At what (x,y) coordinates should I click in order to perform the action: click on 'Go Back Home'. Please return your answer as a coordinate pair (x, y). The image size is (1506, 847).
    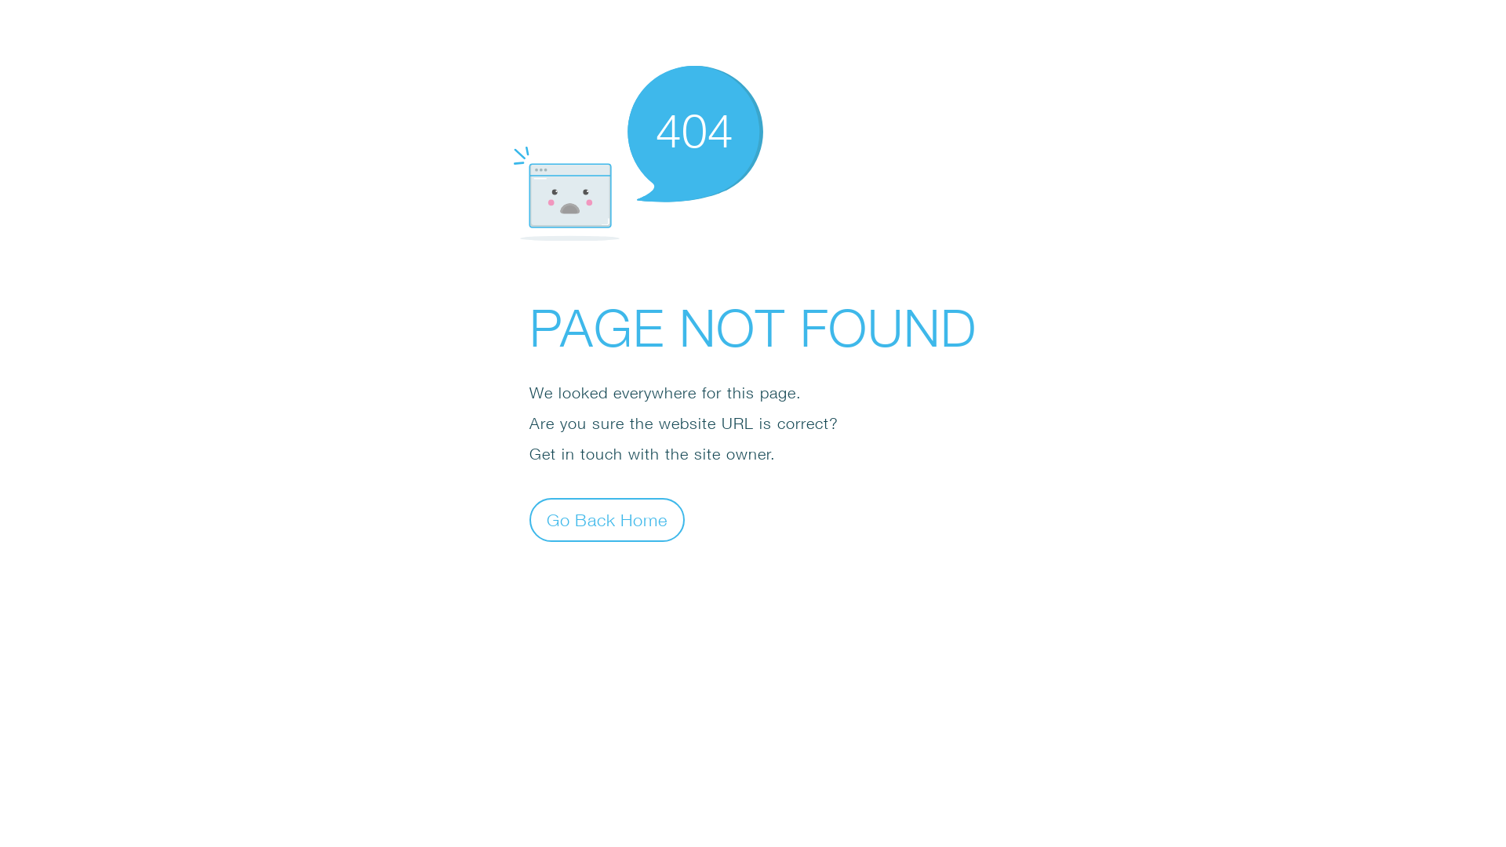
    Looking at the image, I should click on (606, 520).